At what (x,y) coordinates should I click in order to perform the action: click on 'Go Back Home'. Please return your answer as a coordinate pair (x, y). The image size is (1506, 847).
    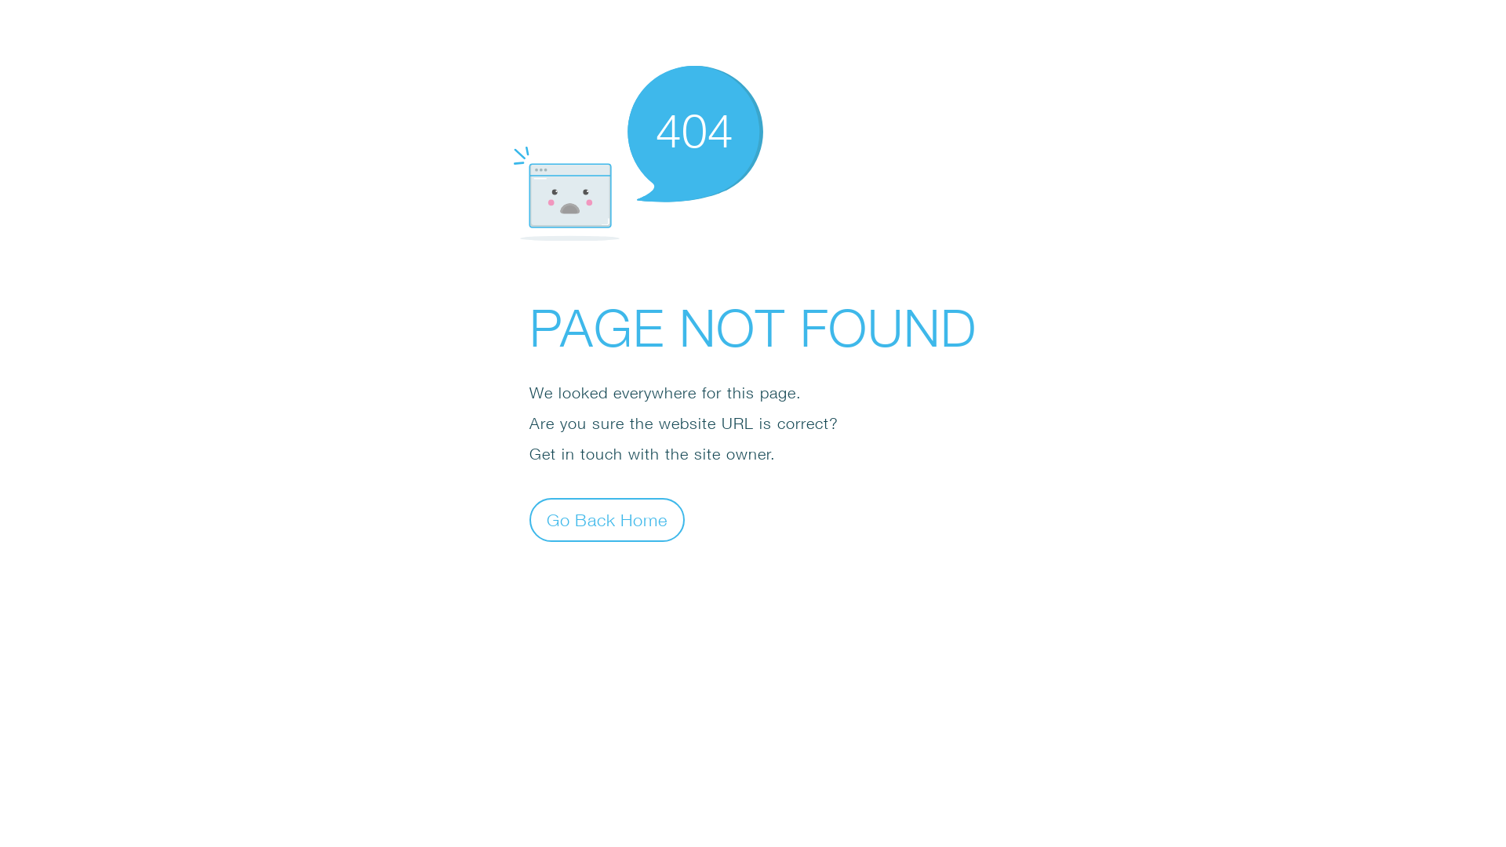
    Looking at the image, I should click on (606, 520).